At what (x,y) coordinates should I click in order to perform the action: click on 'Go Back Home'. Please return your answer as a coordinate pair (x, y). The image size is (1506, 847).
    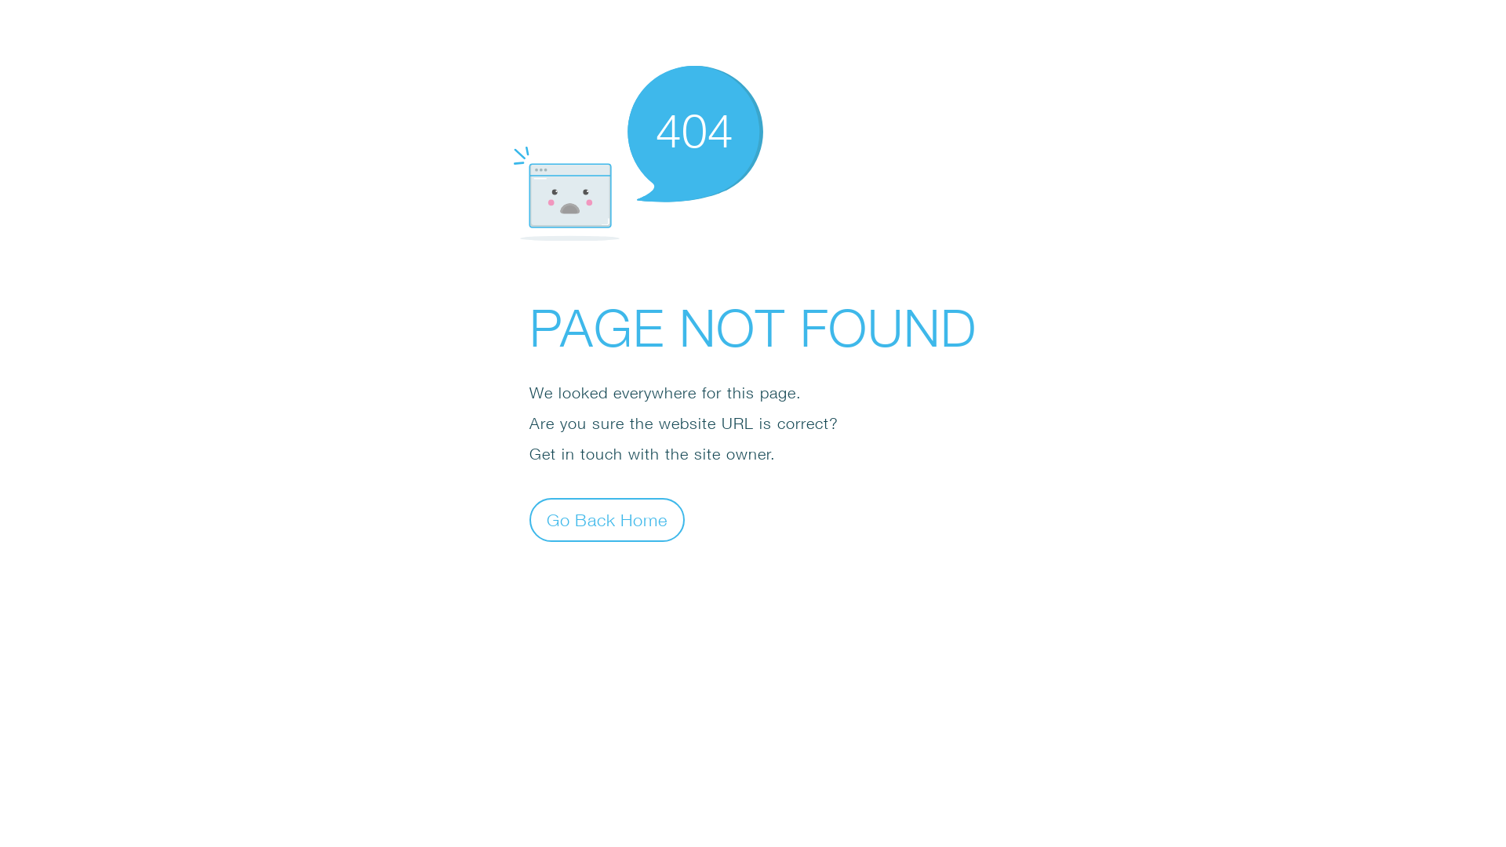
    Looking at the image, I should click on (606, 520).